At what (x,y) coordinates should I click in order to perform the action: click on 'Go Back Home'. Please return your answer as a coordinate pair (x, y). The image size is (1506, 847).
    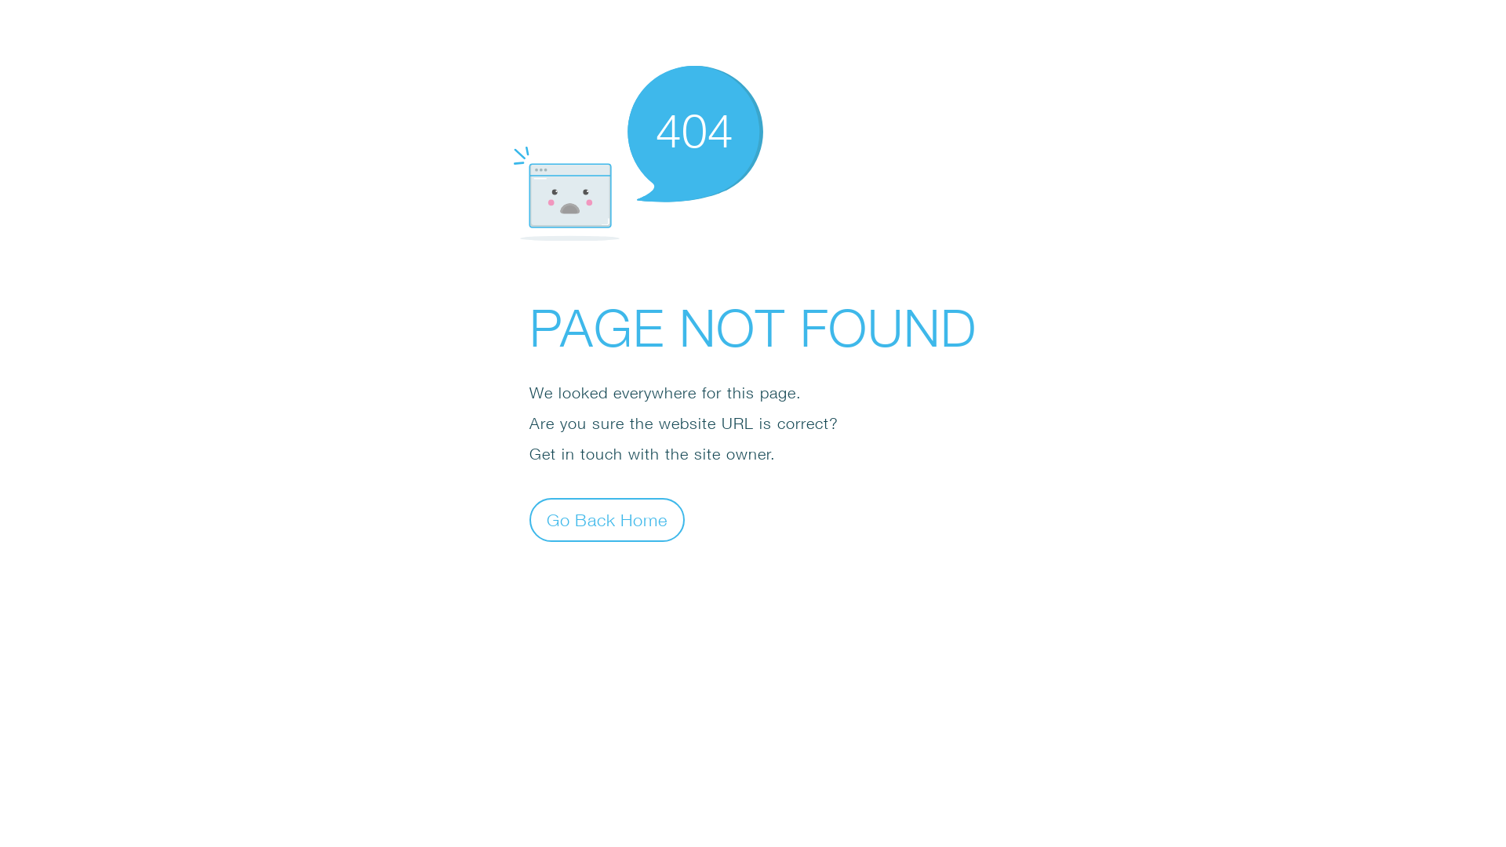
    Looking at the image, I should click on (606, 520).